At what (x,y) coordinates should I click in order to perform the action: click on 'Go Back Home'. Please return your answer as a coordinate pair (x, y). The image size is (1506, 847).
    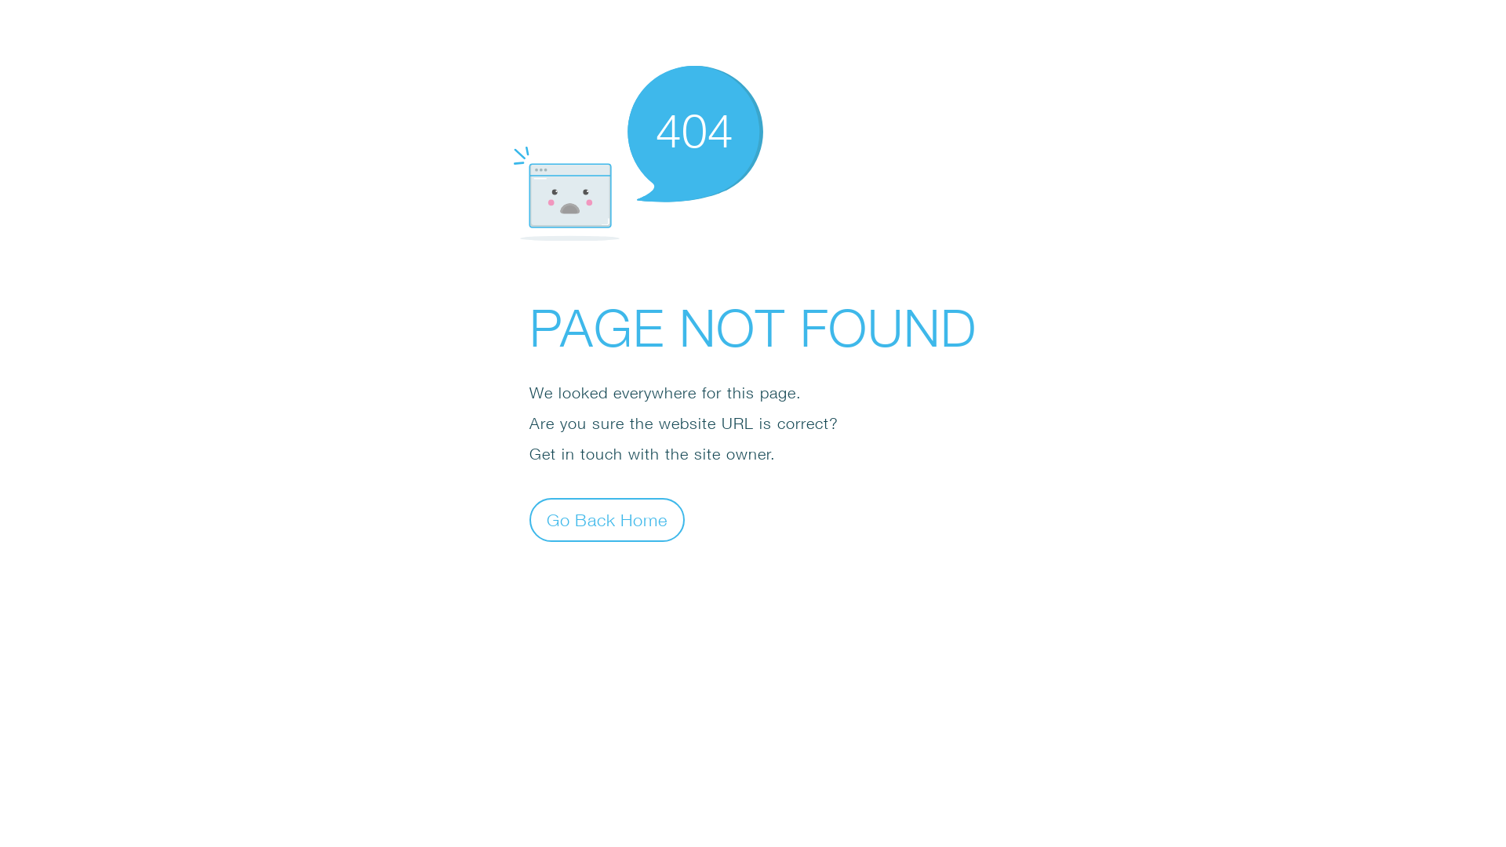
    Looking at the image, I should click on (606, 520).